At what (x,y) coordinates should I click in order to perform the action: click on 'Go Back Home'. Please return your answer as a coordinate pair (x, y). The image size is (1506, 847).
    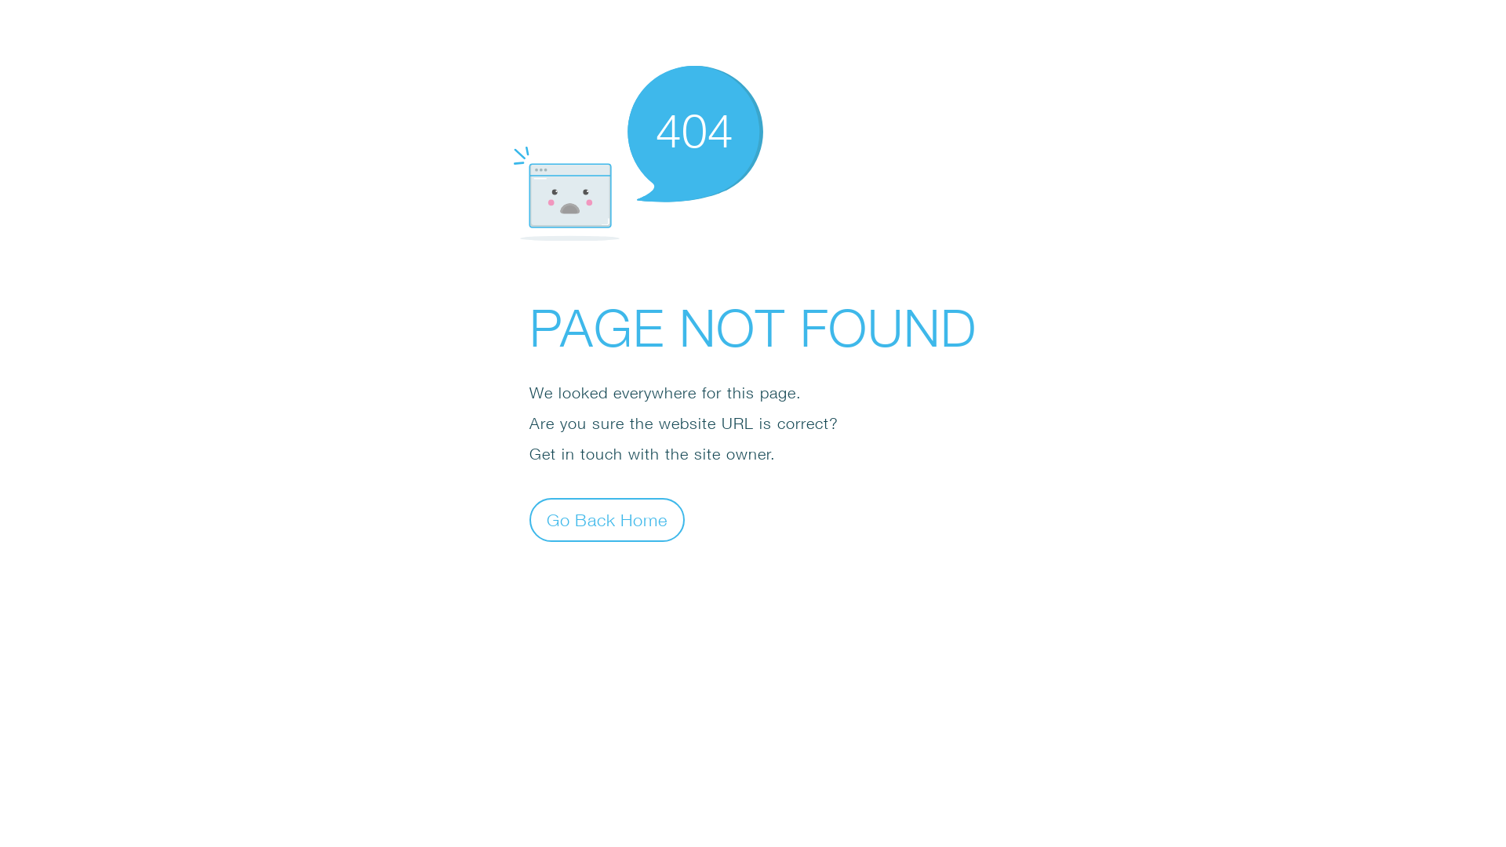
    Looking at the image, I should click on (606, 520).